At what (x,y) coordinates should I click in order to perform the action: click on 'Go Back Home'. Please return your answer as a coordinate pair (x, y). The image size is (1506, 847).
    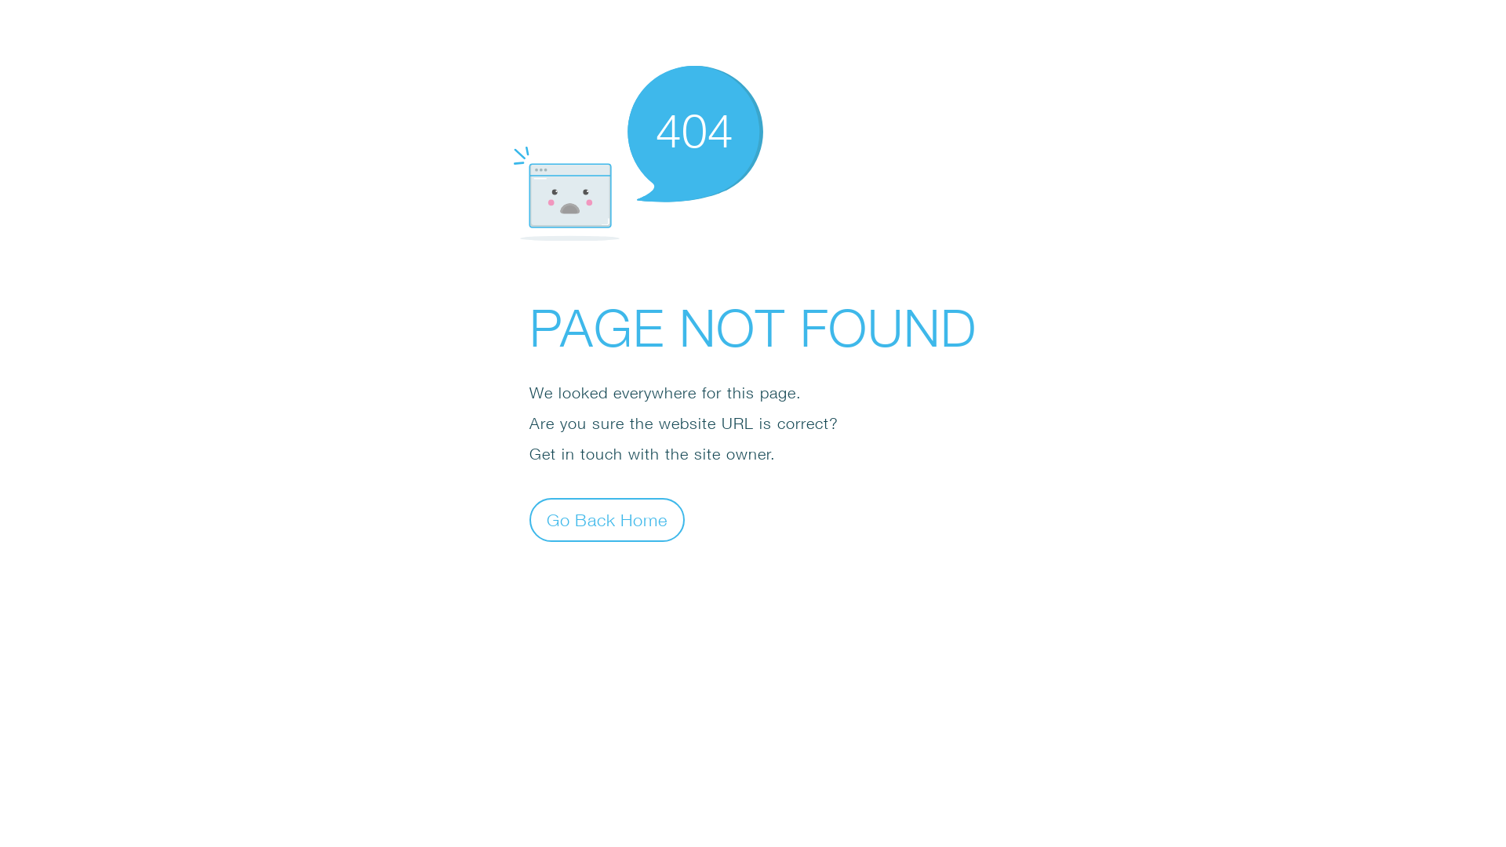
    Looking at the image, I should click on (606, 520).